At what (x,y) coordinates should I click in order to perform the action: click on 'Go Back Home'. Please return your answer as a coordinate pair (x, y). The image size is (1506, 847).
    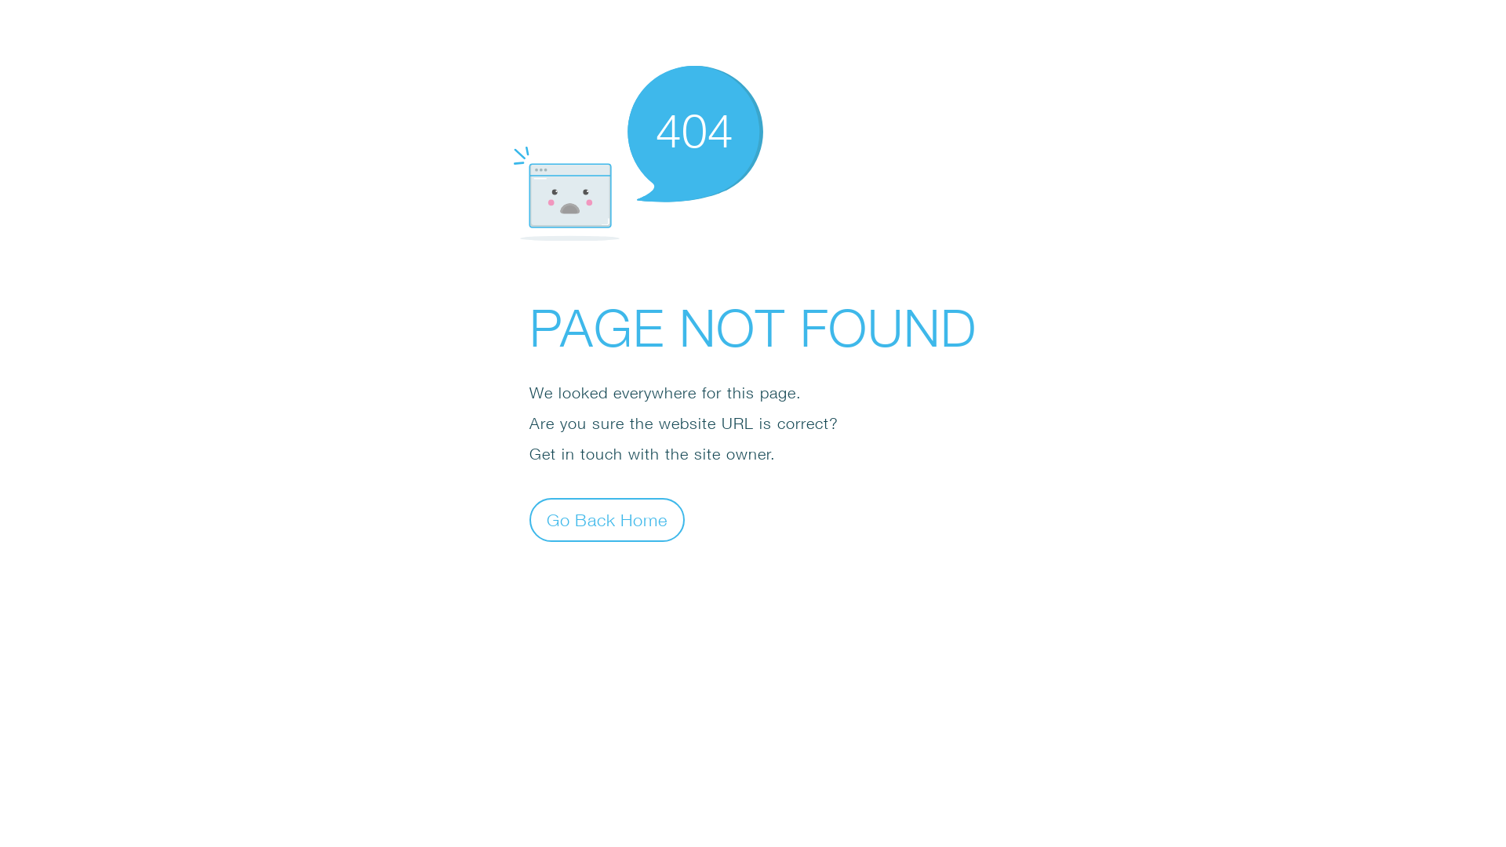
    Looking at the image, I should click on (606, 520).